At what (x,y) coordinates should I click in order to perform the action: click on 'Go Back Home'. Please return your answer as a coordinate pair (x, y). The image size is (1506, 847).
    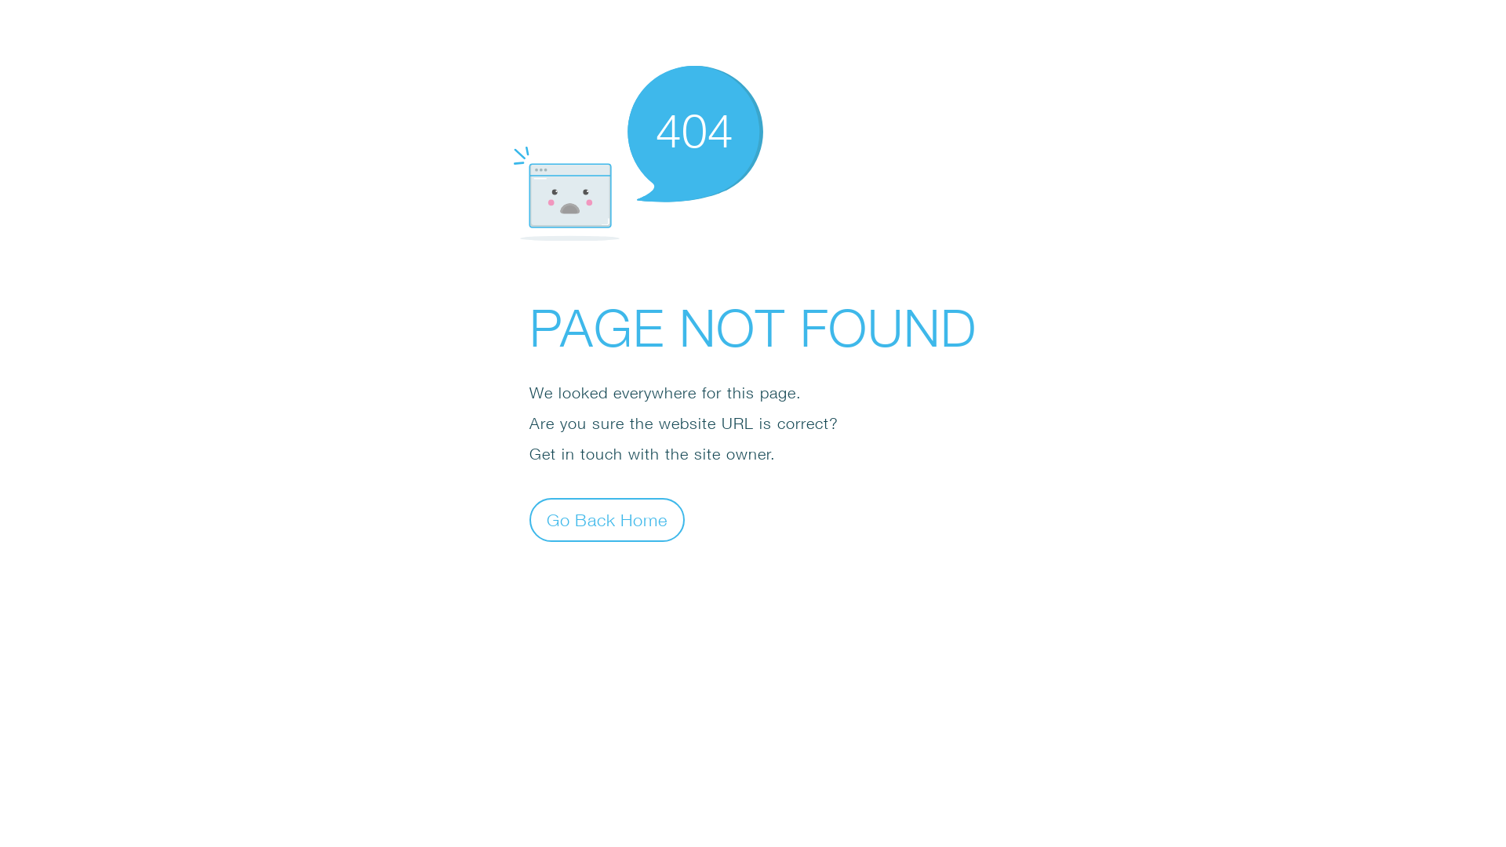
    Looking at the image, I should click on (606, 520).